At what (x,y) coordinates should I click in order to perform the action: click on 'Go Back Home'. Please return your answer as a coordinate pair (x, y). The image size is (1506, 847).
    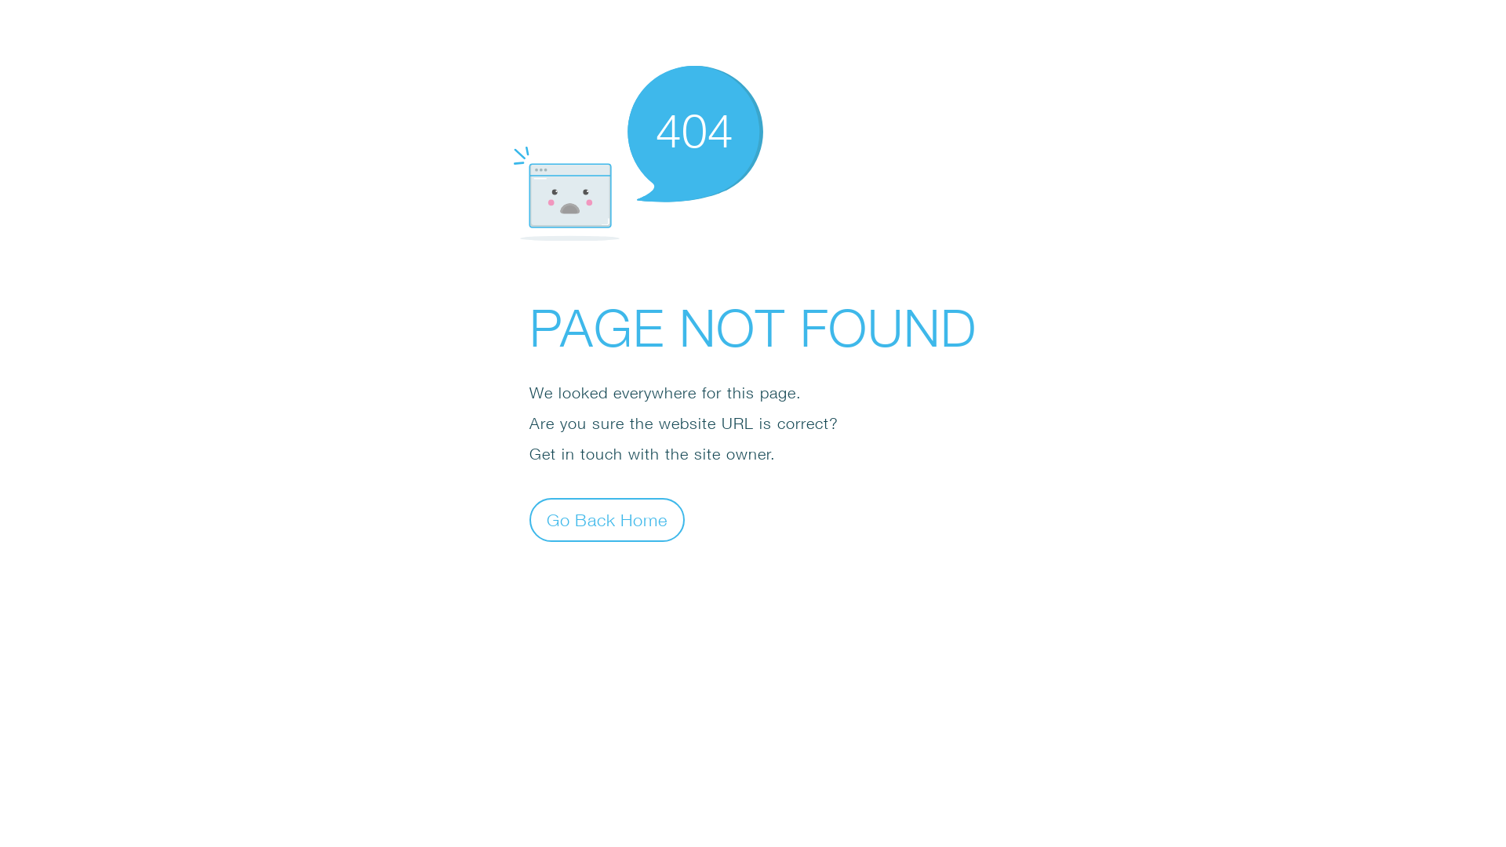
    Looking at the image, I should click on (606, 520).